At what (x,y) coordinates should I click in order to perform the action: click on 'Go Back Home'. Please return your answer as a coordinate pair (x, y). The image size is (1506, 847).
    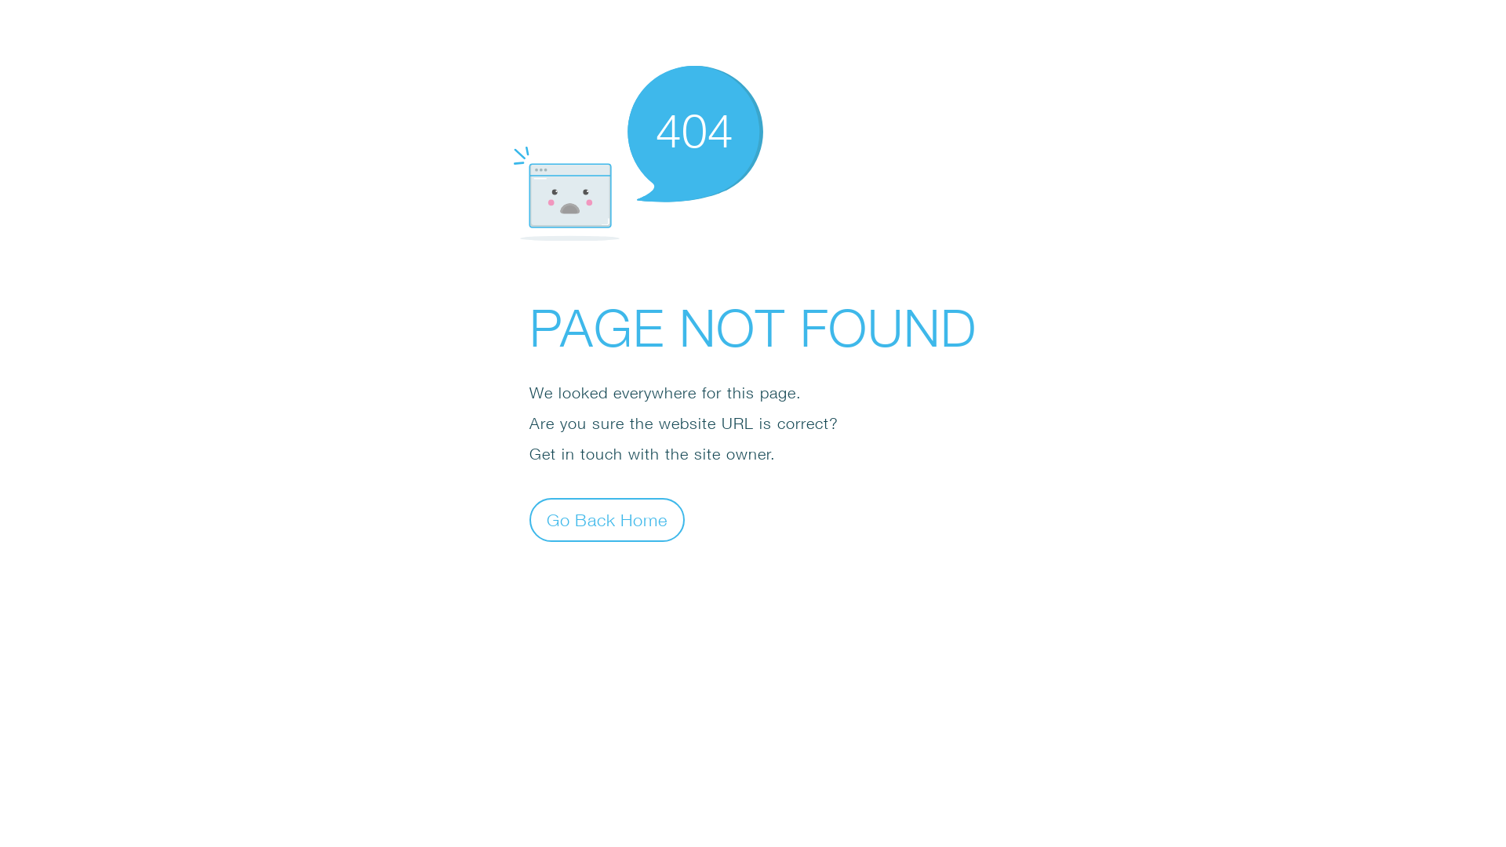
    Looking at the image, I should click on (606, 520).